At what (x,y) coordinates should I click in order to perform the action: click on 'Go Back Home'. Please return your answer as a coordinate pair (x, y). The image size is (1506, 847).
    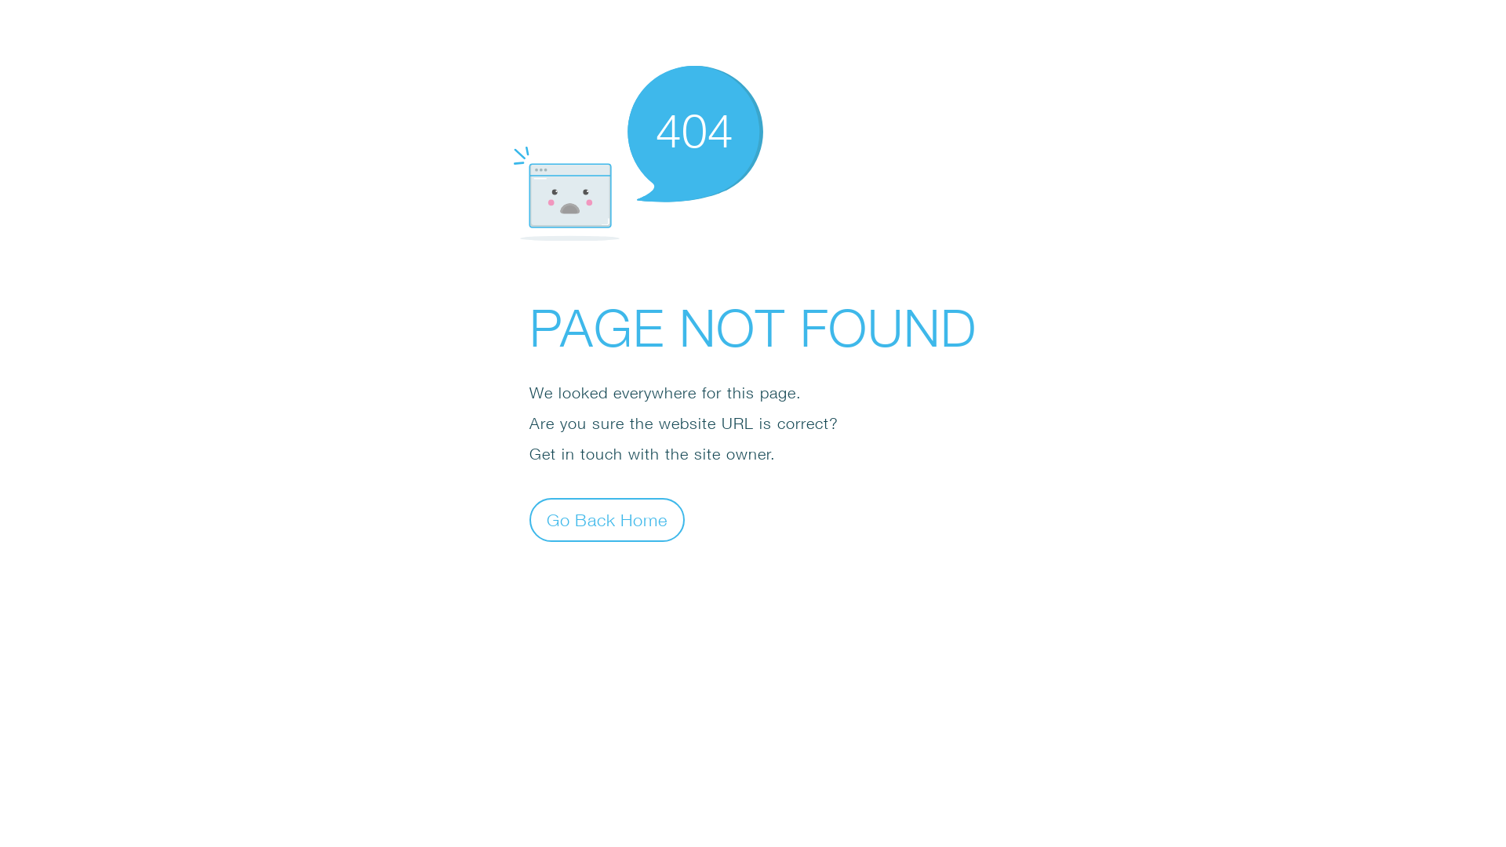
    Looking at the image, I should click on (606, 520).